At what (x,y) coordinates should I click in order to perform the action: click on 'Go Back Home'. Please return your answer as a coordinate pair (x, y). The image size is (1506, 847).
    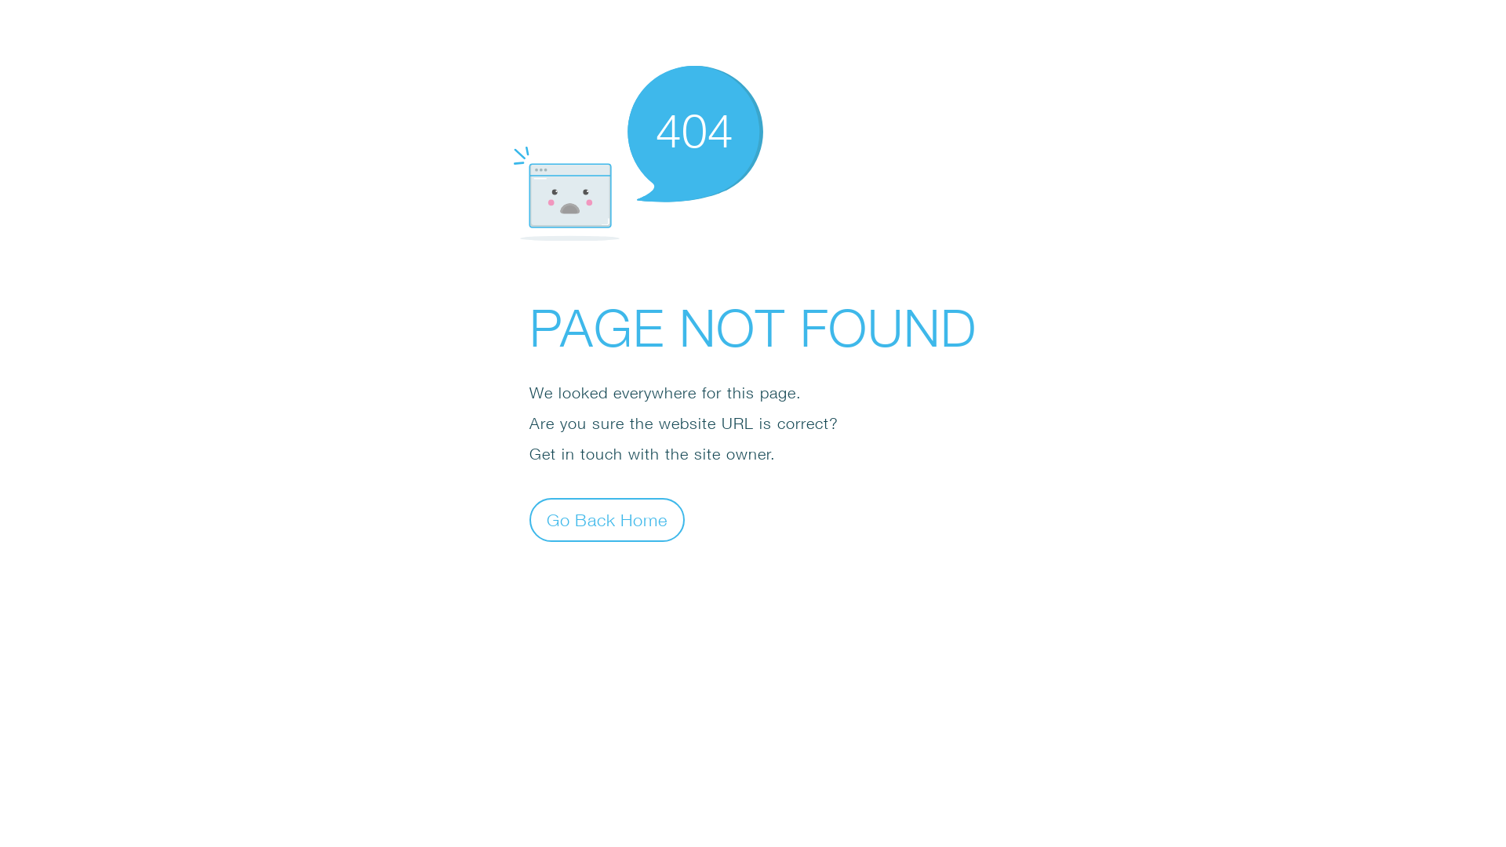
    Looking at the image, I should click on (606, 520).